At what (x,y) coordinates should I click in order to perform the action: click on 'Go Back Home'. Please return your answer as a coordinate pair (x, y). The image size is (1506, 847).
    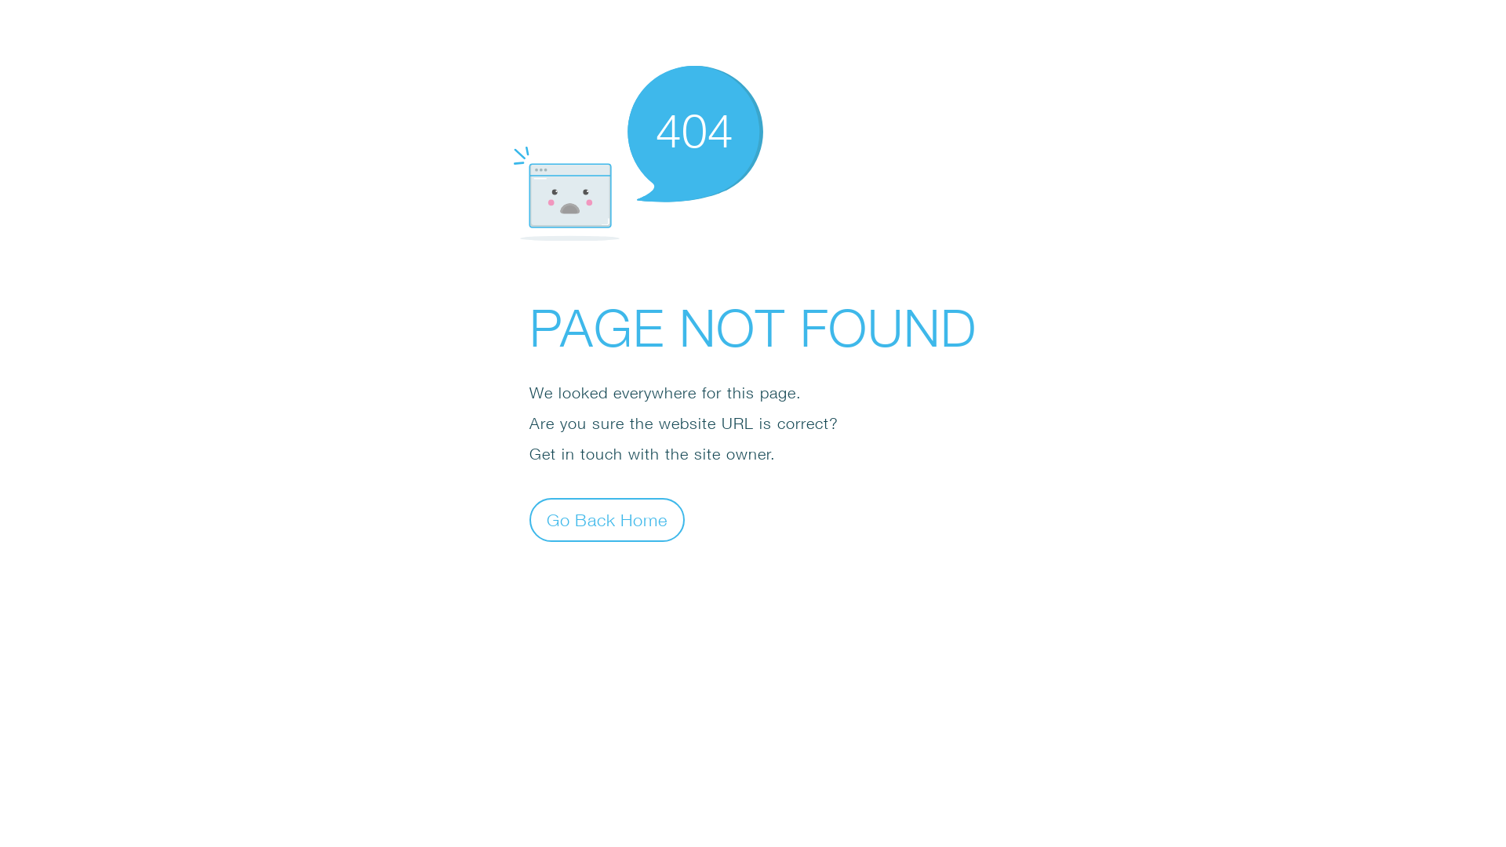
    Looking at the image, I should click on (606, 520).